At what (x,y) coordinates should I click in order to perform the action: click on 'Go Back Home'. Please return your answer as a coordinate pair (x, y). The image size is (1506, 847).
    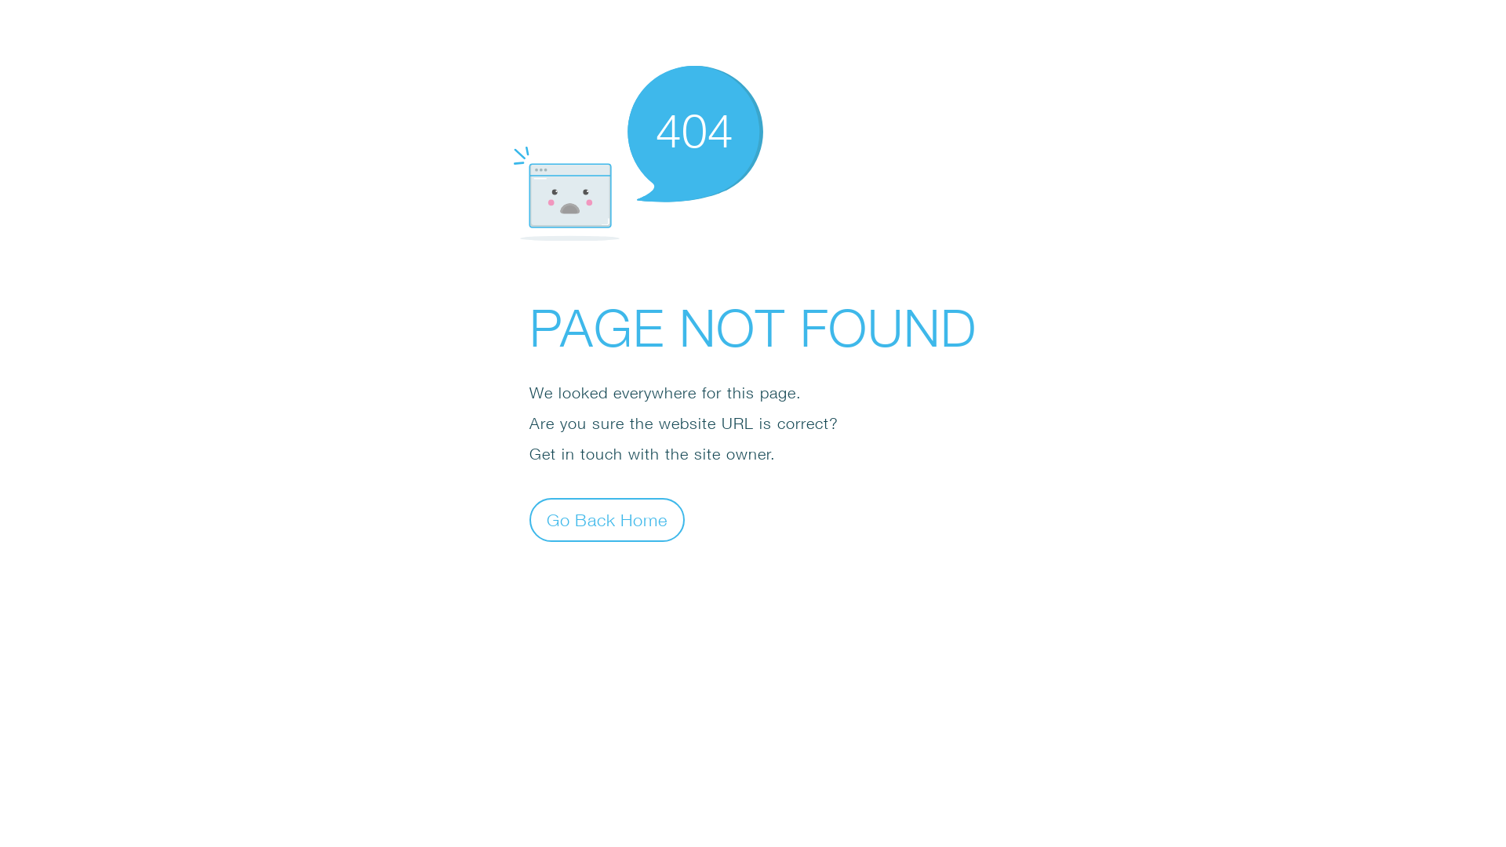
    Looking at the image, I should click on (606, 520).